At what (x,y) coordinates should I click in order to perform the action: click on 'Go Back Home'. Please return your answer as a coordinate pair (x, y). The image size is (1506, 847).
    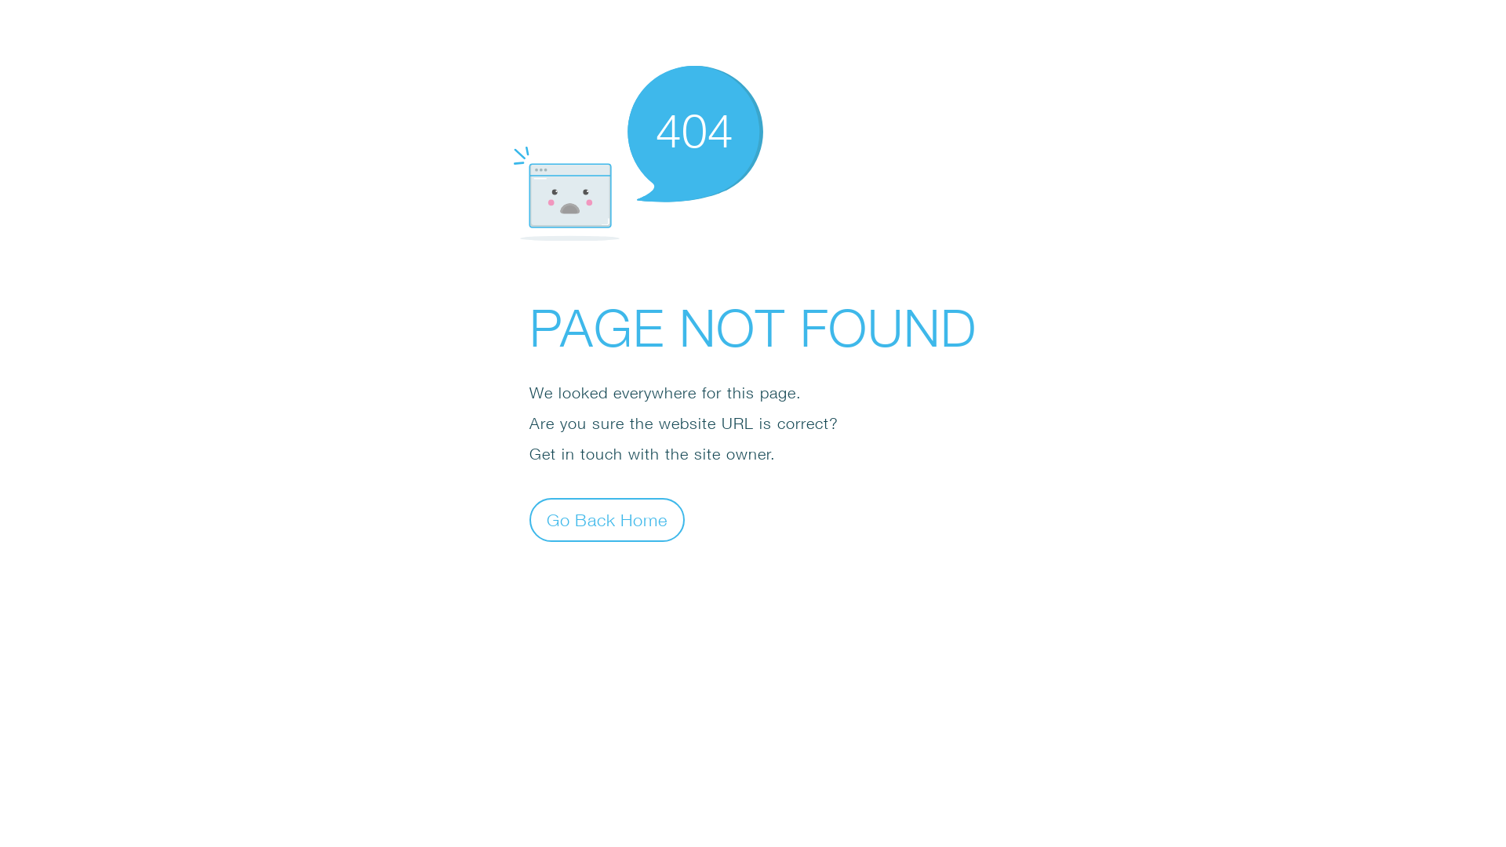
    Looking at the image, I should click on (606, 520).